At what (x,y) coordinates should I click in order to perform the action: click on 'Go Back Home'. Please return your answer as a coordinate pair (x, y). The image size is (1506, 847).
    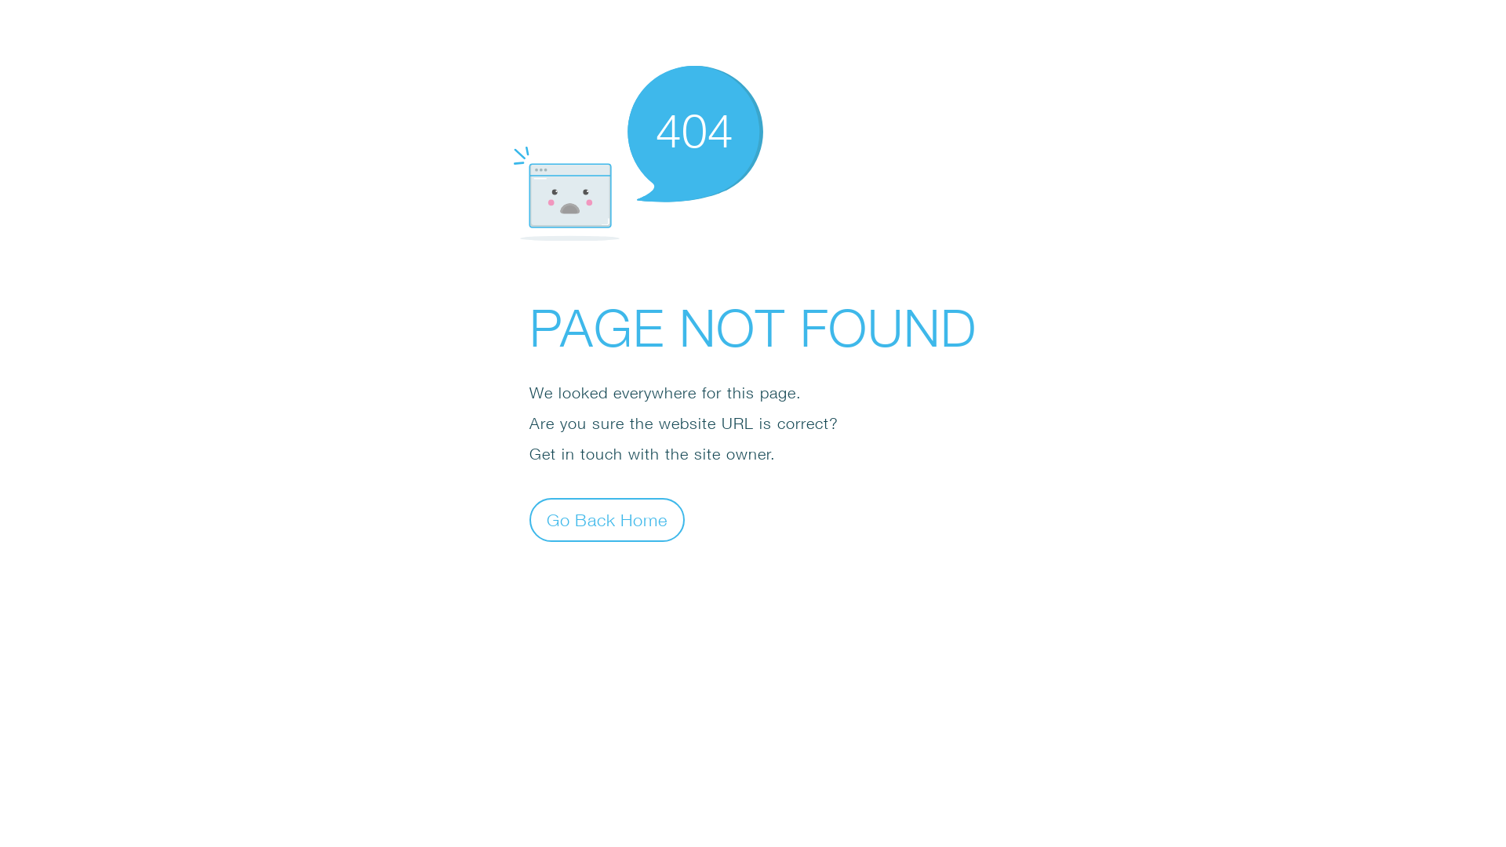
    Looking at the image, I should click on (606, 520).